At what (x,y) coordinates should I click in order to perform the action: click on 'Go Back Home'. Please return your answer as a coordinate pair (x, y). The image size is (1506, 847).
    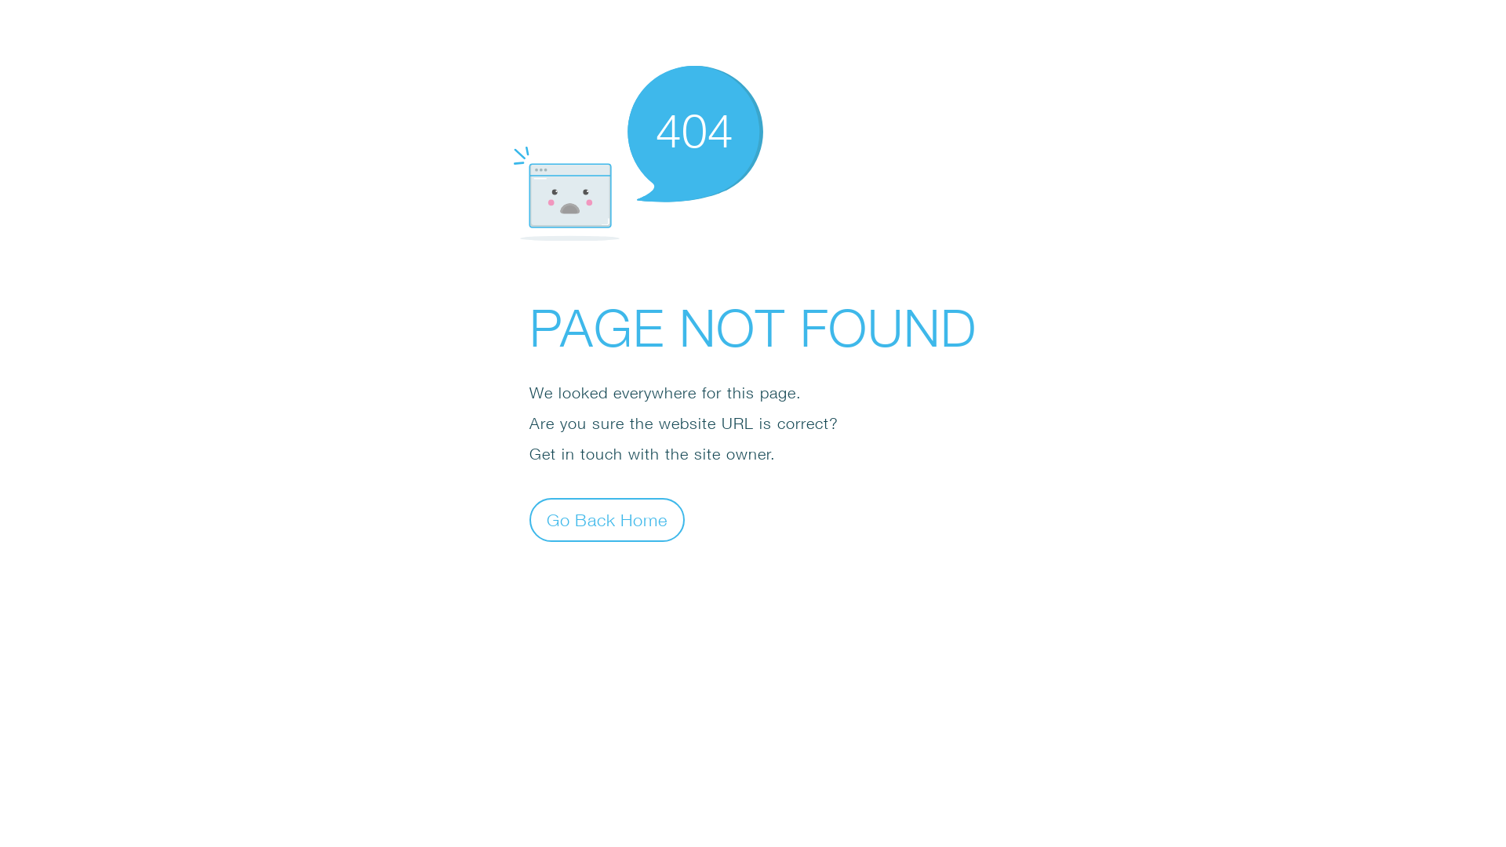
    Looking at the image, I should click on (606, 520).